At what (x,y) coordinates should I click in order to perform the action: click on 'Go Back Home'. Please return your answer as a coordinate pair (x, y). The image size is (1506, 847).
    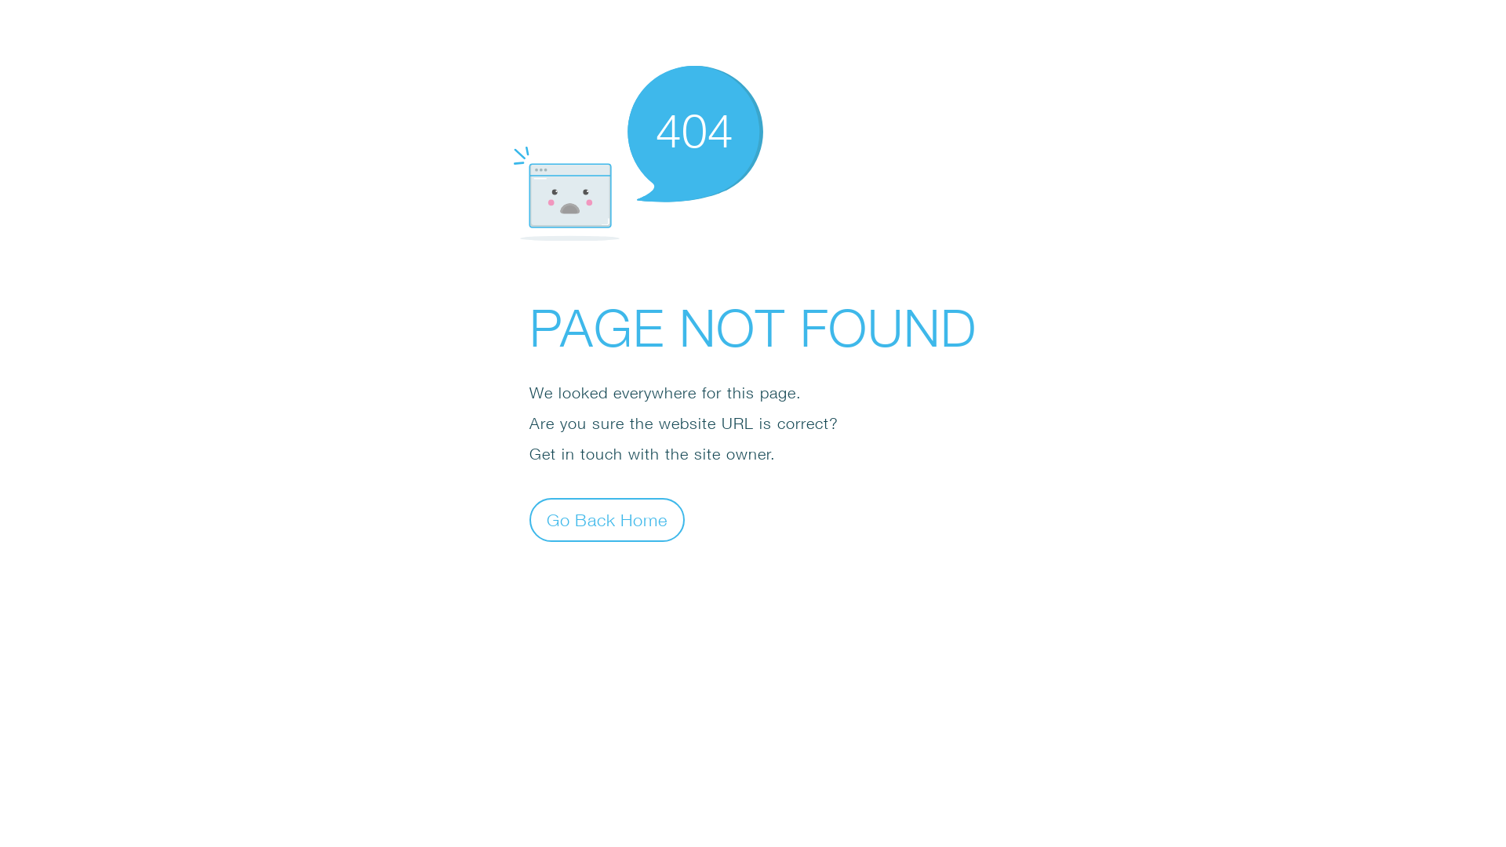
    Looking at the image, I should click on (606, 520).